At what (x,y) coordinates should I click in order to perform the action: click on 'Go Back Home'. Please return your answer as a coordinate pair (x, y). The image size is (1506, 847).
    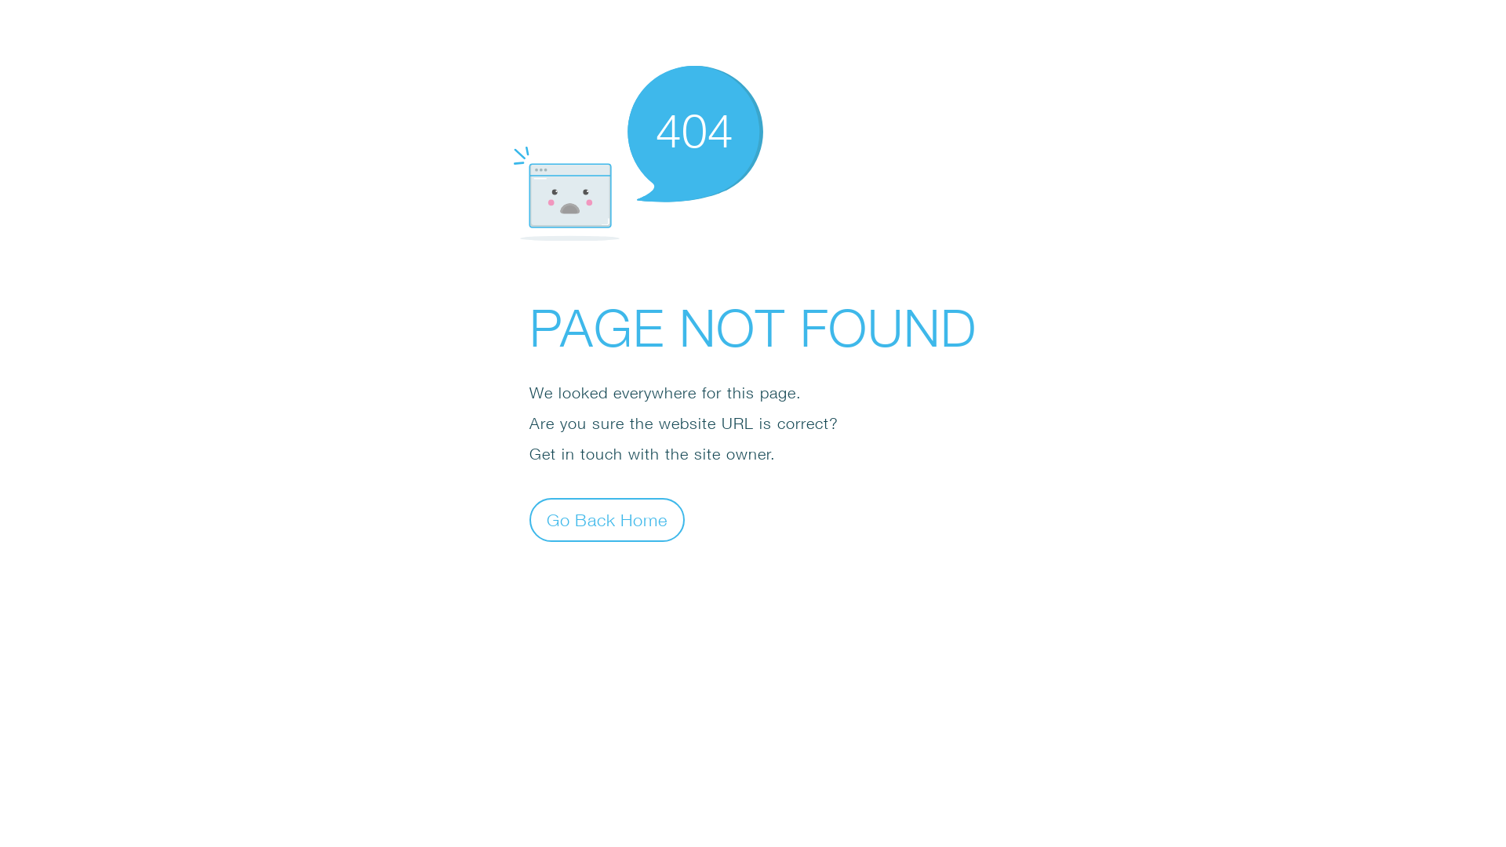
    Looking at the image, I should click on (606, 520).